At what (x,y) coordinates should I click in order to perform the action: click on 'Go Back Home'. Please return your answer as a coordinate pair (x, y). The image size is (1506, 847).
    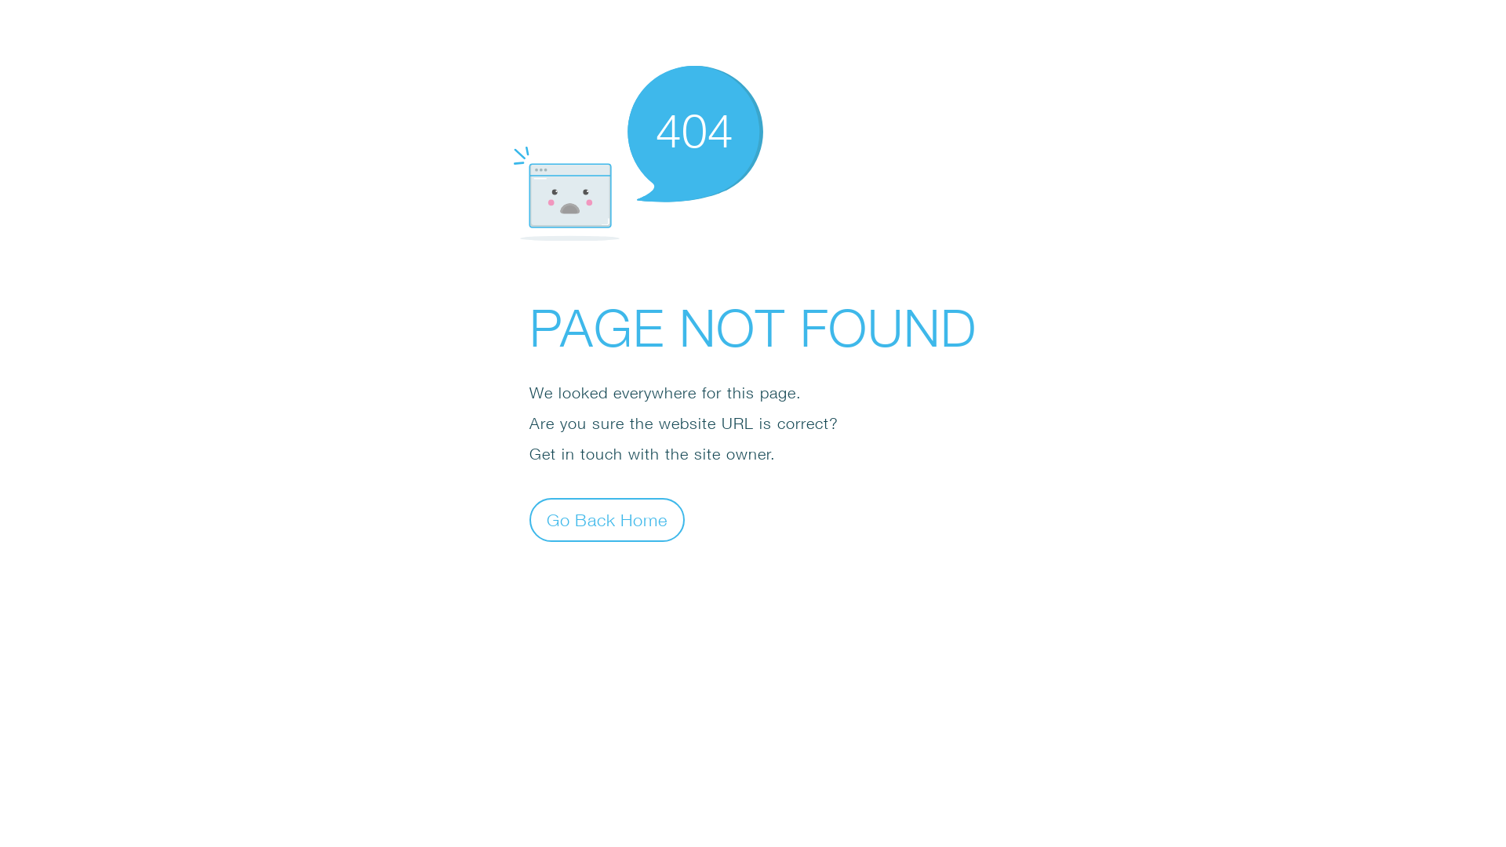
    Looking at the image, I should click on (606, 520).